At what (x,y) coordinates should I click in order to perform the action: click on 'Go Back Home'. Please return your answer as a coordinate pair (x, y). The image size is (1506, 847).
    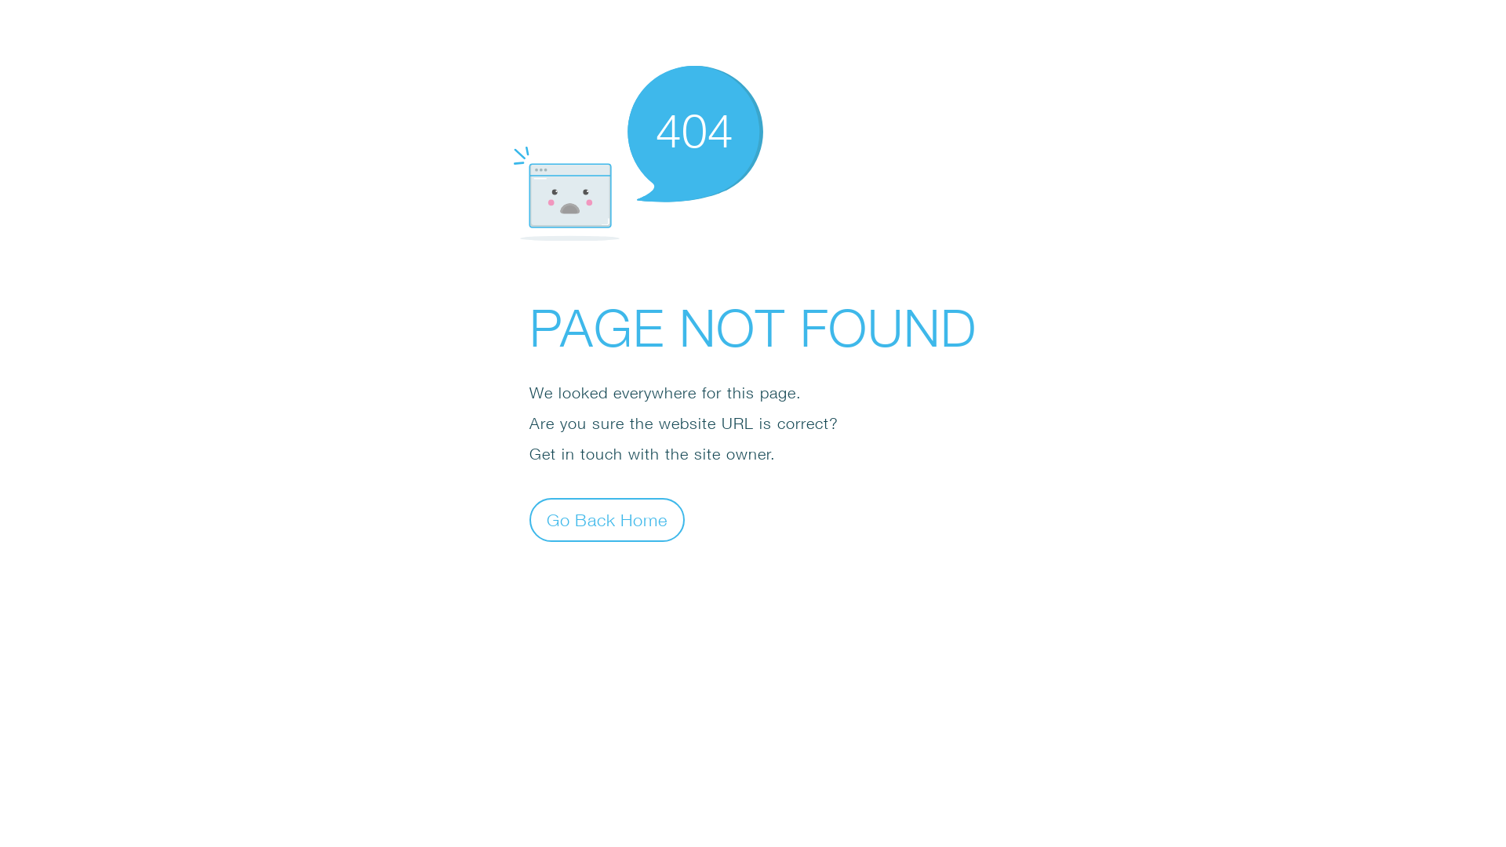
    Looking at the image, I should click on (606, 520).